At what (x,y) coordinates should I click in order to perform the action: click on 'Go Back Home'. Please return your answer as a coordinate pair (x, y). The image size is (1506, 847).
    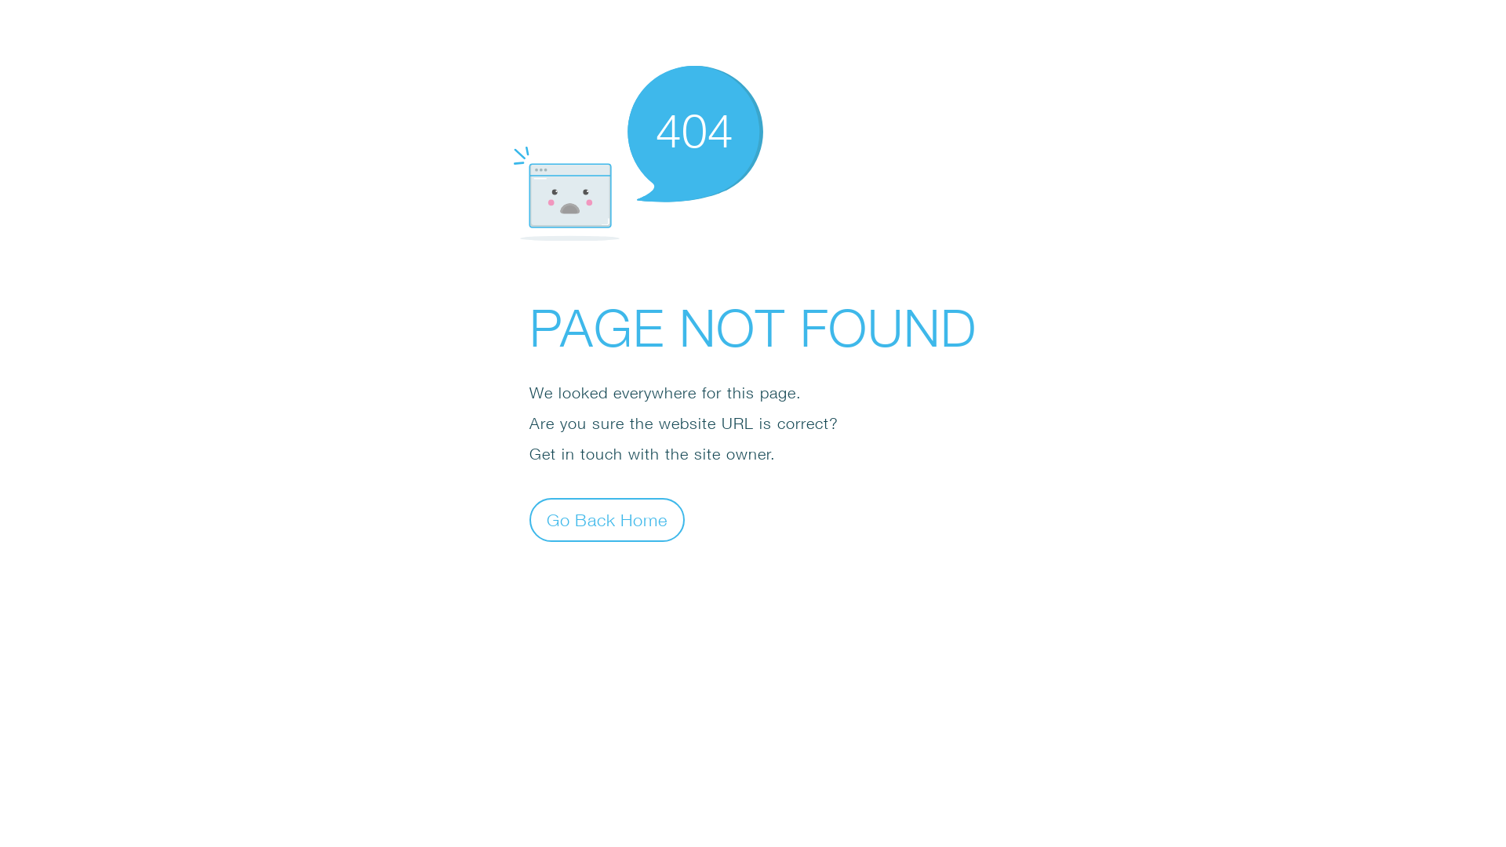
    Looking at the image, I should click on (606, 520).